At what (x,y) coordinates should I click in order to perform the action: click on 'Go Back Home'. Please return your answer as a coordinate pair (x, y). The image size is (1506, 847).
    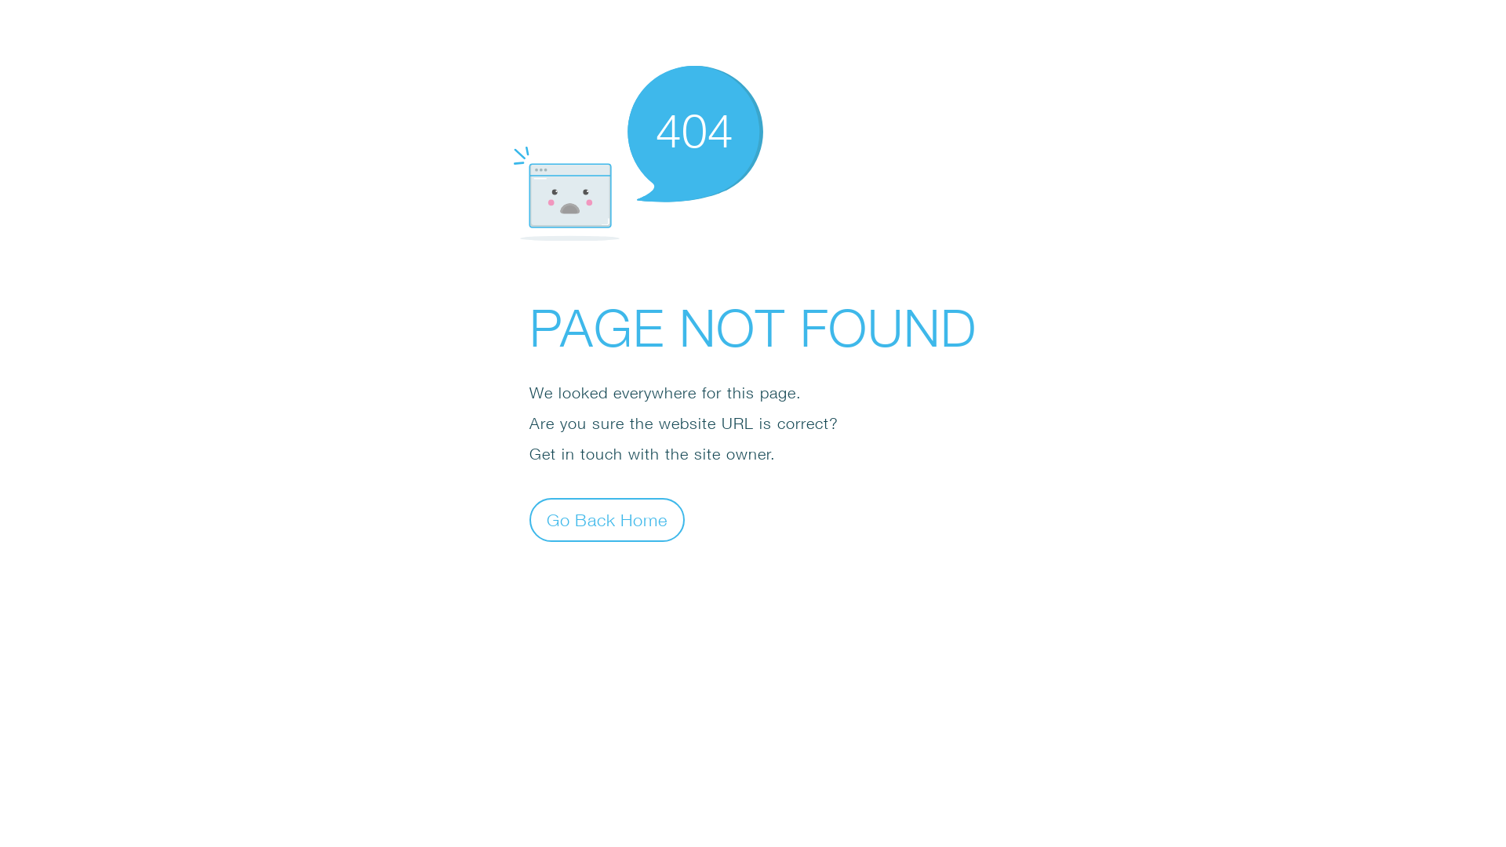
    Looking at the image, I should click on (606, 520).